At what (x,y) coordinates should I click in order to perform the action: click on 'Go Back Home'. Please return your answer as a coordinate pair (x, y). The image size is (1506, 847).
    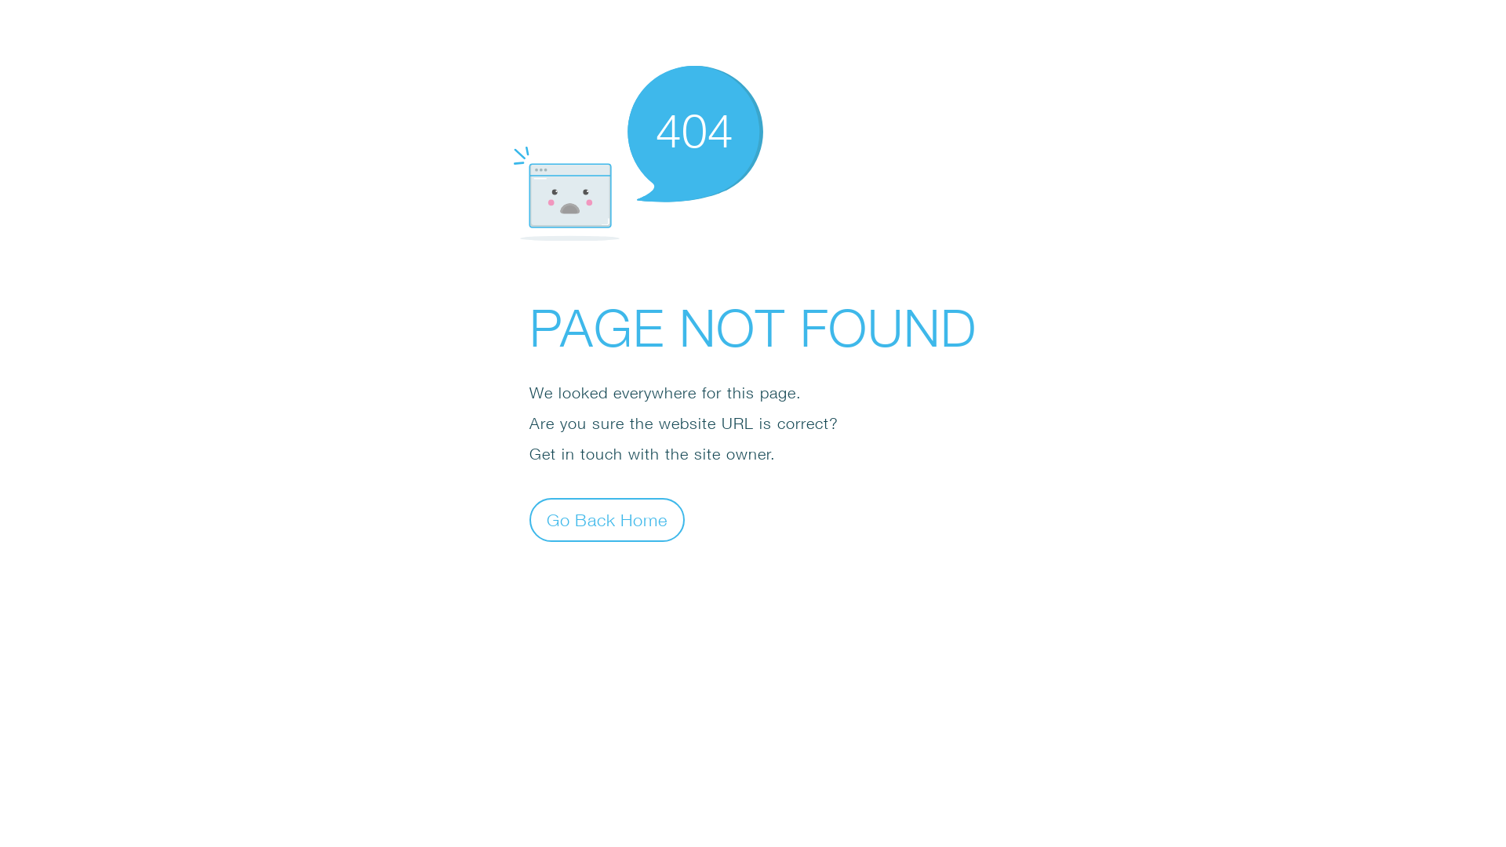
    Looking at the image, I should click on (606, 520).